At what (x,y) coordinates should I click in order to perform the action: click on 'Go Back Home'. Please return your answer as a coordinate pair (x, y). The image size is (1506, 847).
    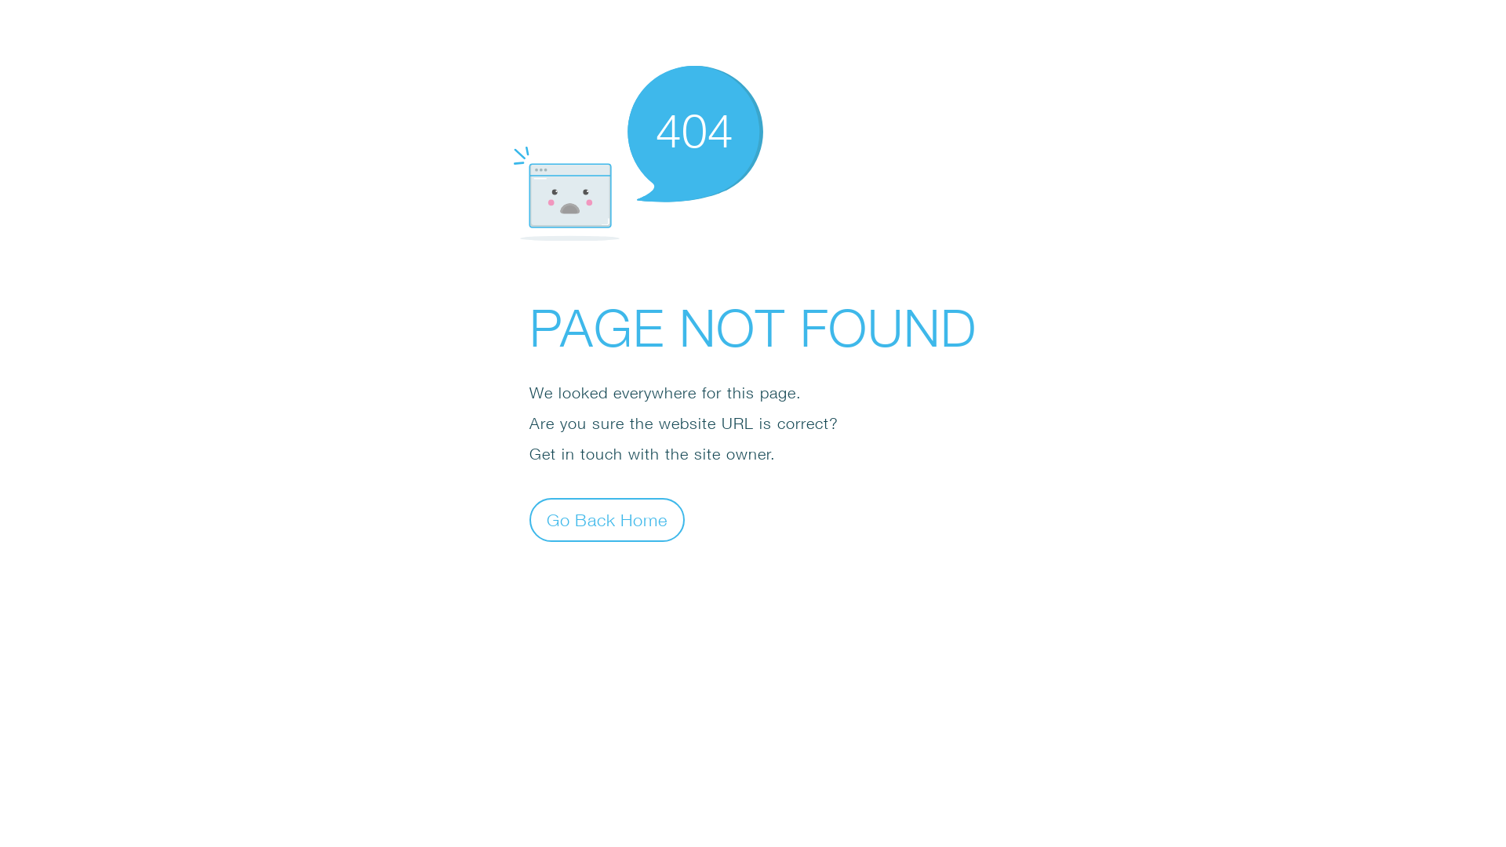
    Looking at the image, I should click on (606, 520).